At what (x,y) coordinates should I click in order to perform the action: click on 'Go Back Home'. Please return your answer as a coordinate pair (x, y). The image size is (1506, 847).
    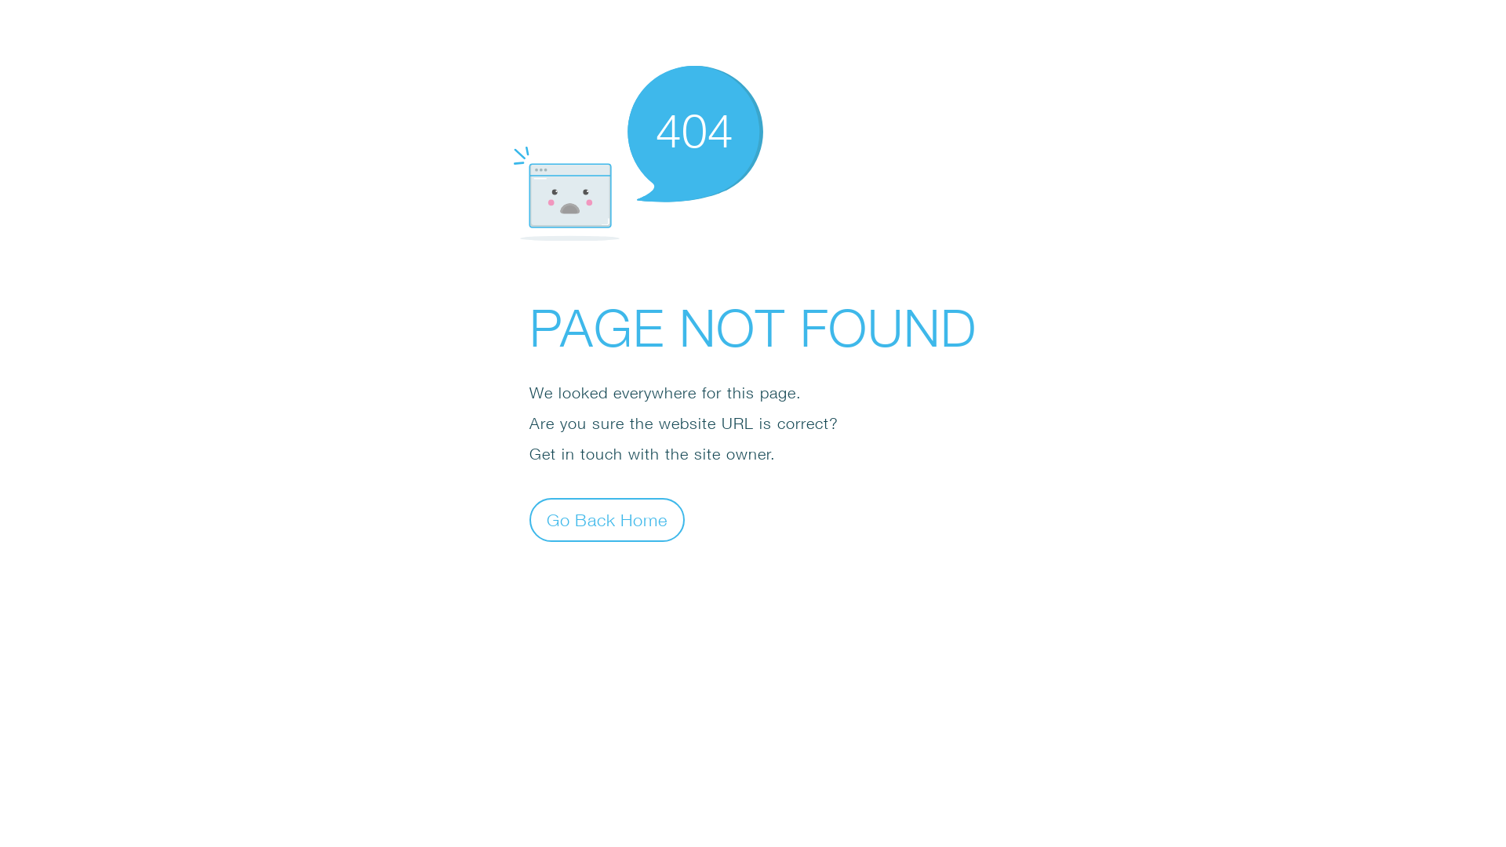
    Looking at the image, I should click on (606, 520).